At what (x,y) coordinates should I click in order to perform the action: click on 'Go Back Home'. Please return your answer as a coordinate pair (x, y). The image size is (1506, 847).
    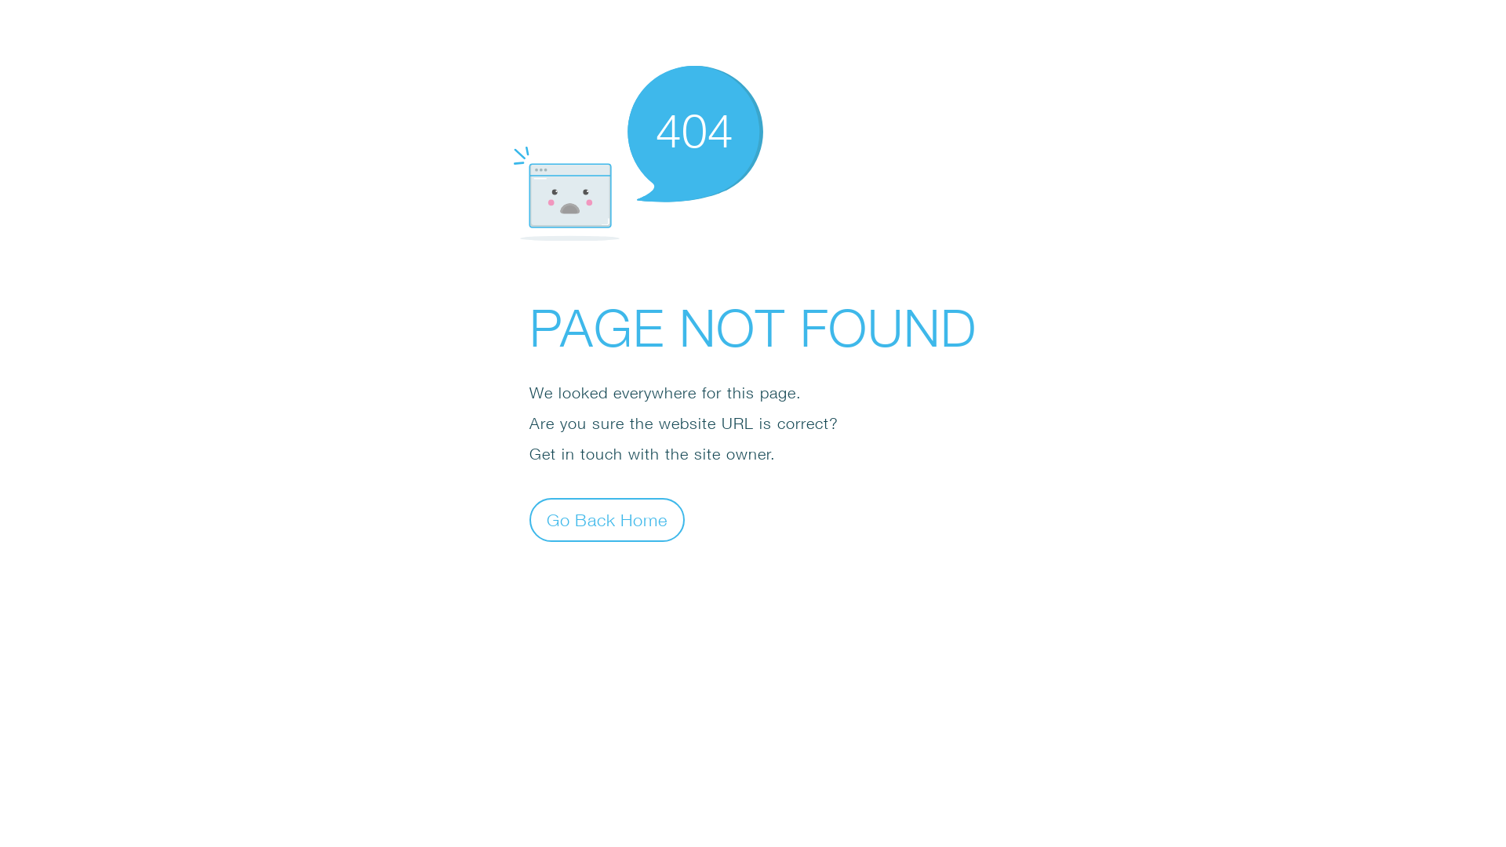
    Looking at the image, I should click on (606, 520).